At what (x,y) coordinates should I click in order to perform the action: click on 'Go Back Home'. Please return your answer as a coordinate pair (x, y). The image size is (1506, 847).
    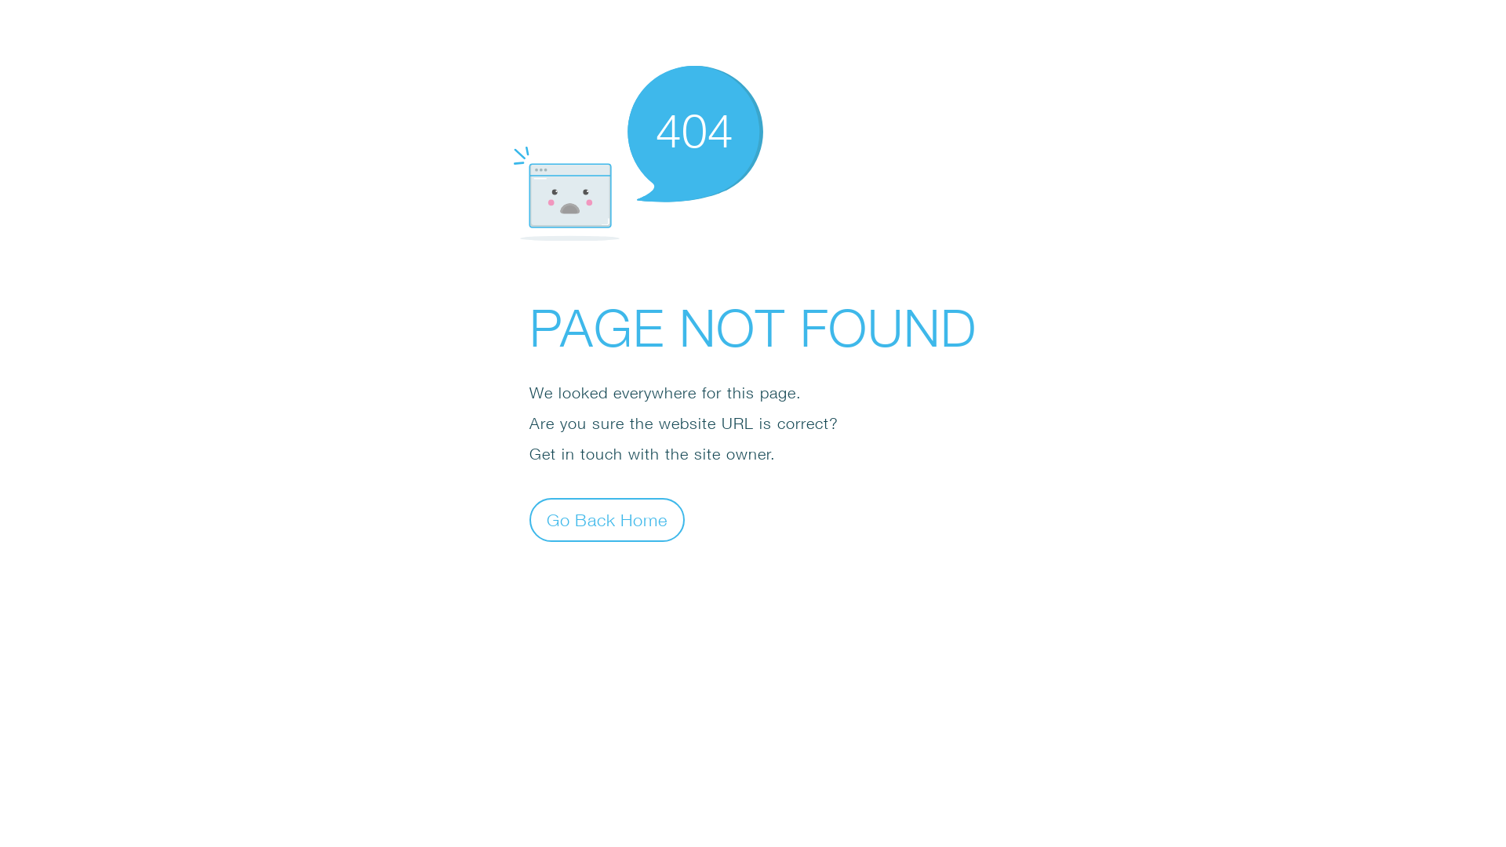
    Looking at the image, I should click on (606, 520).